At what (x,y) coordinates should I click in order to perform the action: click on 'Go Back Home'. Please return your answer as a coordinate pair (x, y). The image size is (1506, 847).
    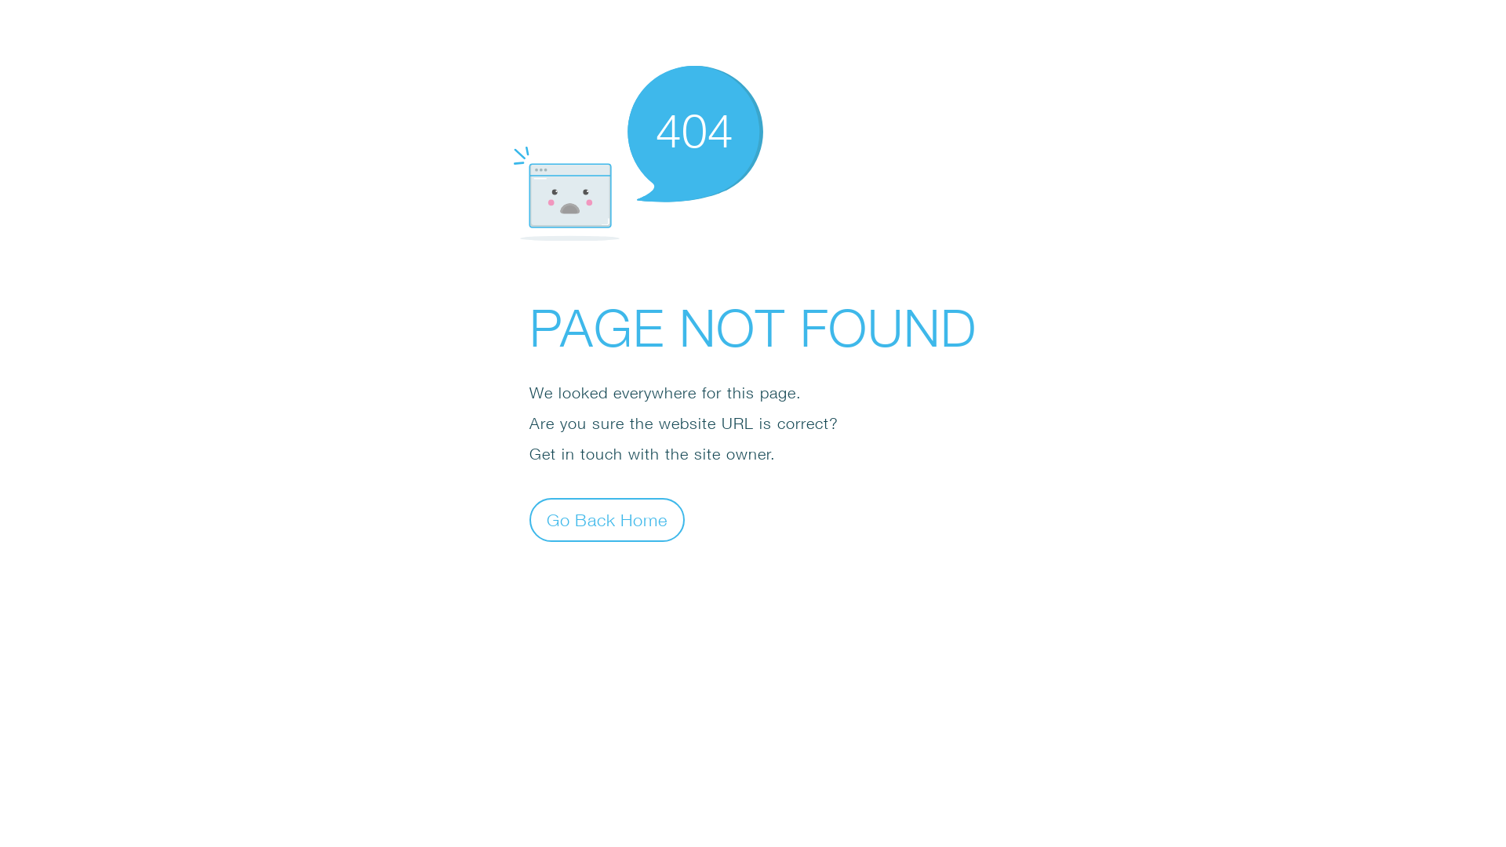
    Looking at the image, I should click on (606, 520).